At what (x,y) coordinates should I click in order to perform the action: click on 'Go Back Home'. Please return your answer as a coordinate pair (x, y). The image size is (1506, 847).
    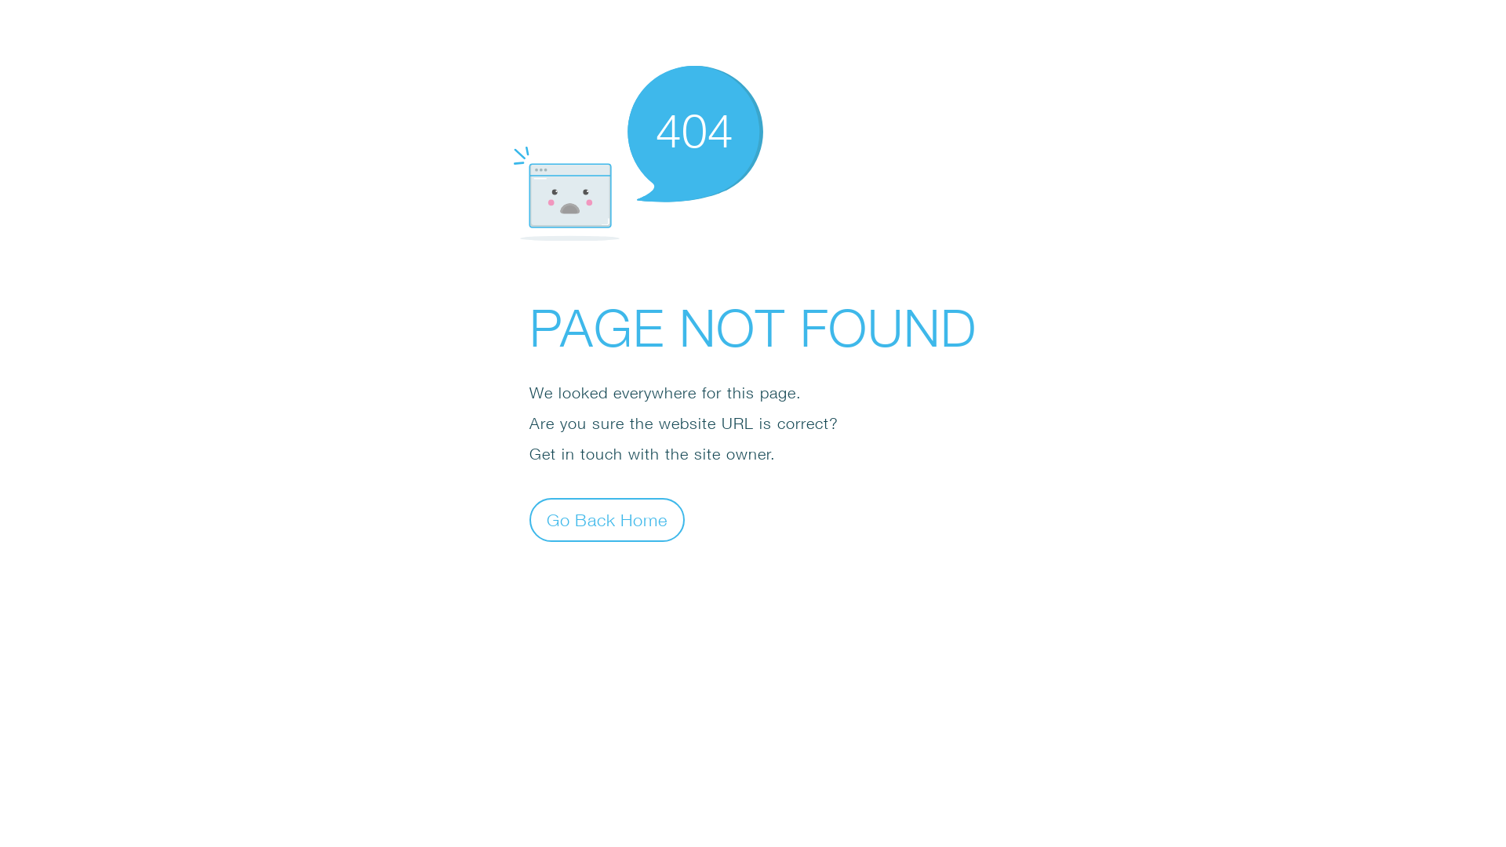
    Looking at the image, I should click on (606, 520).